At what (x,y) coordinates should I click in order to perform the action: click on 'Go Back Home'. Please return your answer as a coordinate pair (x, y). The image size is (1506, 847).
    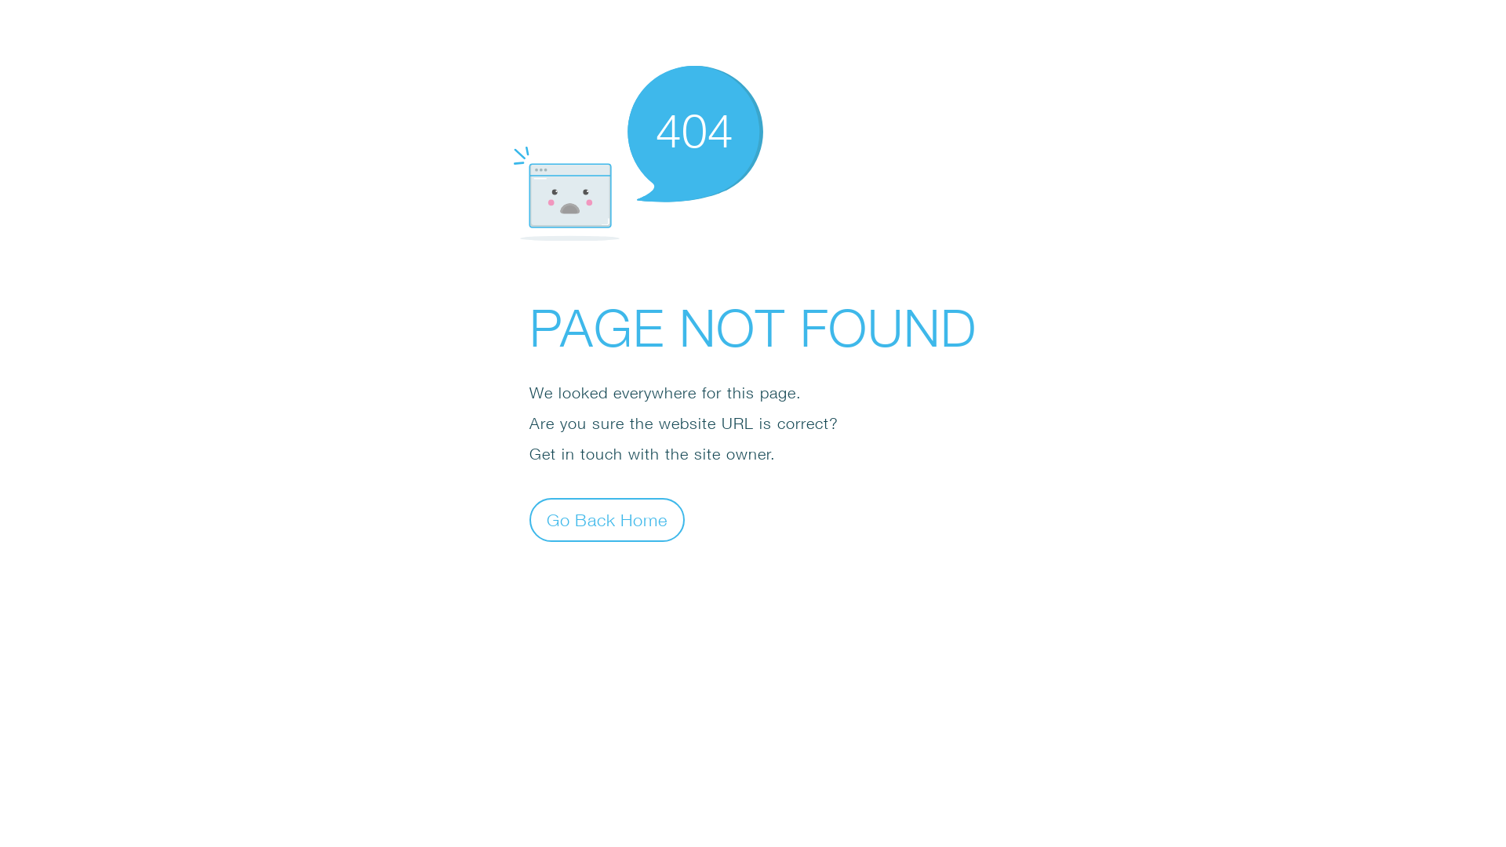
    Looking at the image, I should click on (606, 520).